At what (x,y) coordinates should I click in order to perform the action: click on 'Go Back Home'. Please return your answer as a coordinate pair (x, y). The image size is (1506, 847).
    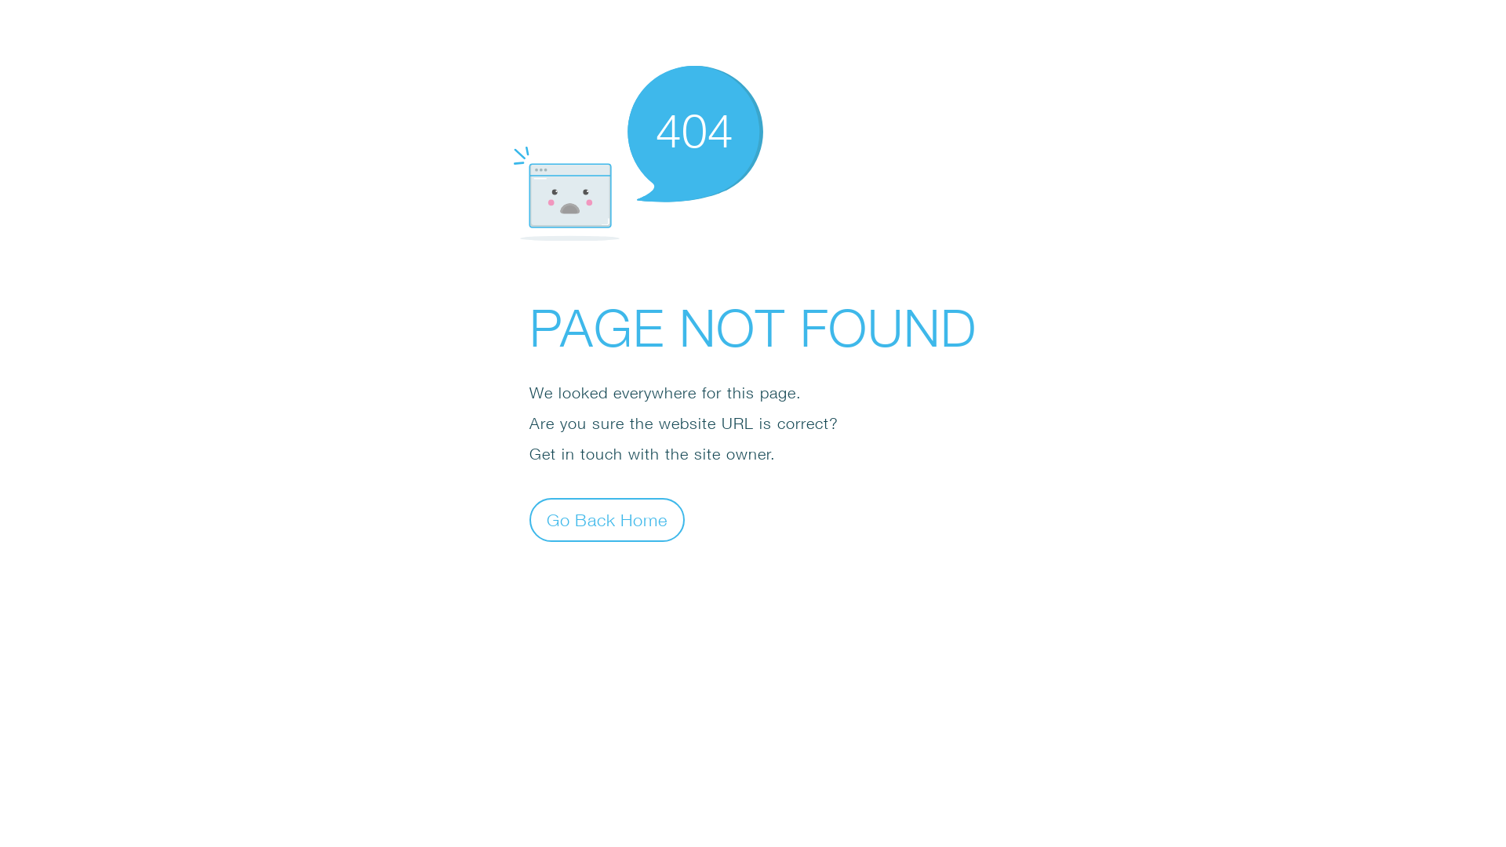
    Looking at the image, I should click on (606, 520).